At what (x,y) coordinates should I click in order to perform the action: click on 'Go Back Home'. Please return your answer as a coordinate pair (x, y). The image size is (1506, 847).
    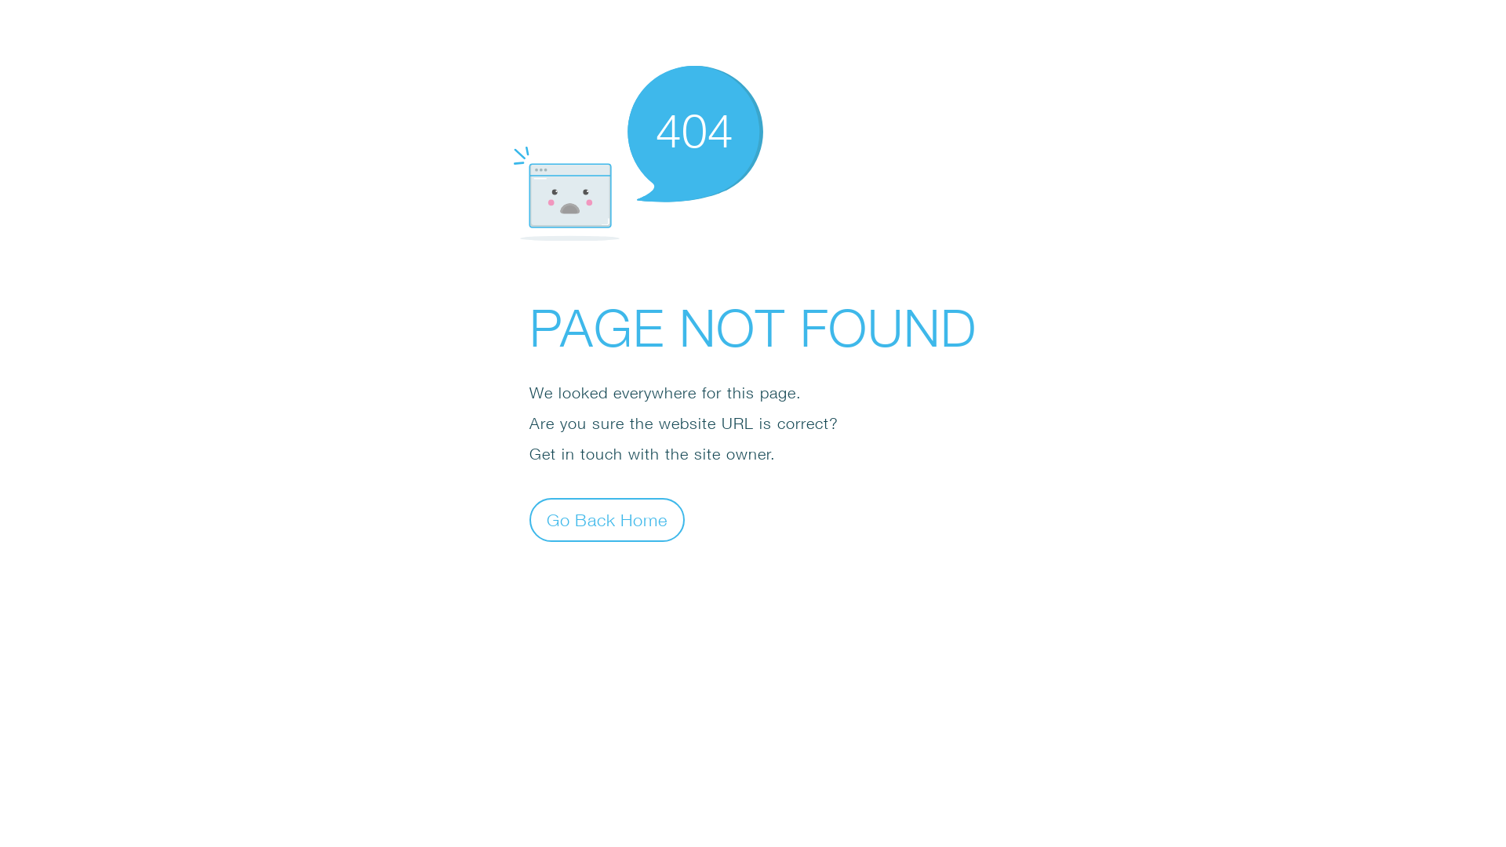
    Looking at the image, I should click on (606, 520).